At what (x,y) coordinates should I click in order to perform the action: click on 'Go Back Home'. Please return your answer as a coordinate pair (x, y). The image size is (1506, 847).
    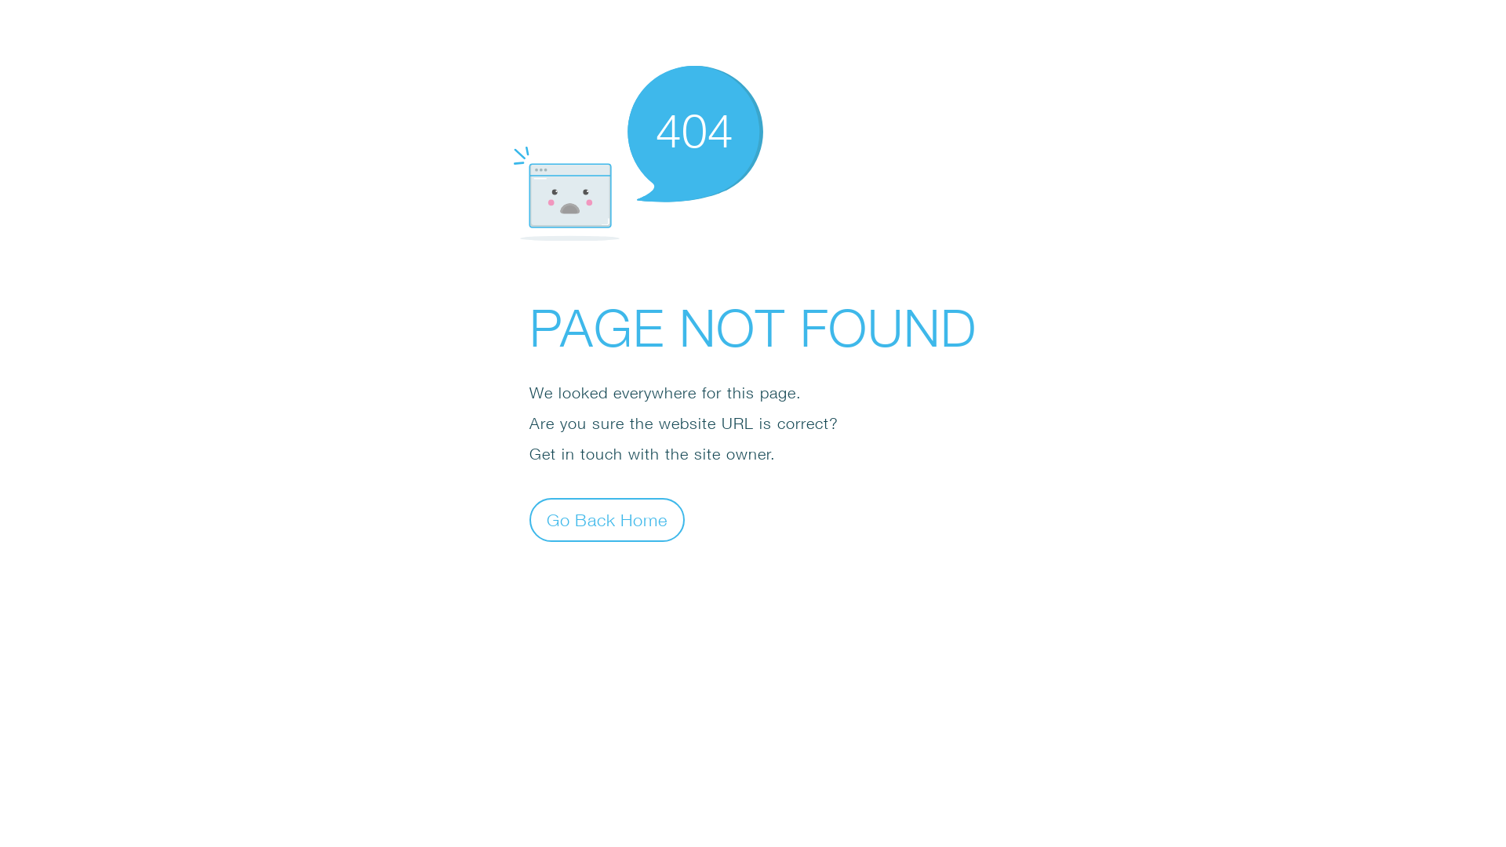
    Looking at the image, I should click on (606, 520).